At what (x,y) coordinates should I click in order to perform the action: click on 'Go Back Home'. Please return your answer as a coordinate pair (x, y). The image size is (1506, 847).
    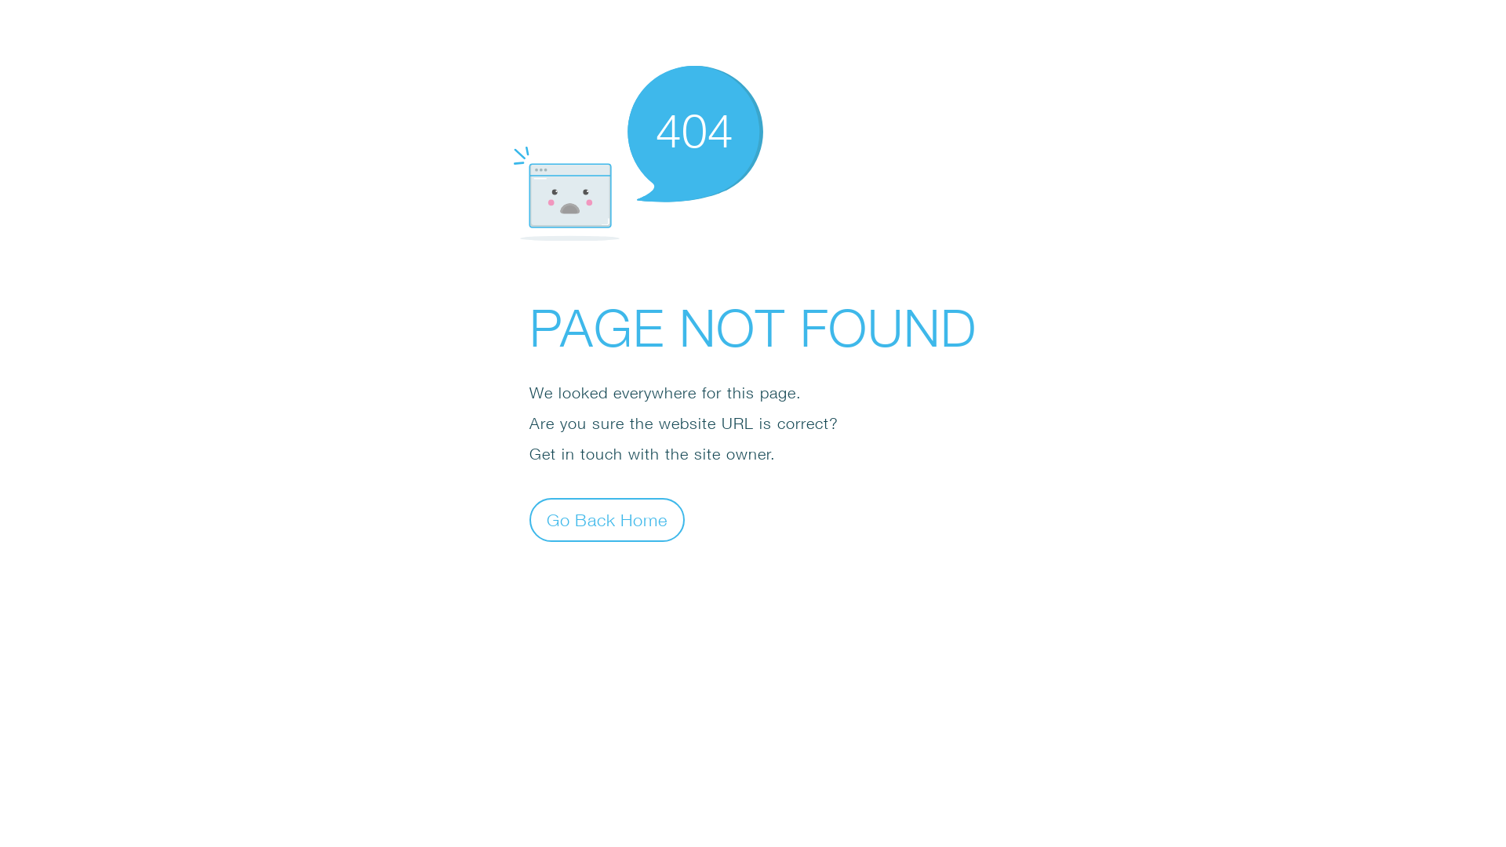
    Looking at the image, I should click on (606, 520).